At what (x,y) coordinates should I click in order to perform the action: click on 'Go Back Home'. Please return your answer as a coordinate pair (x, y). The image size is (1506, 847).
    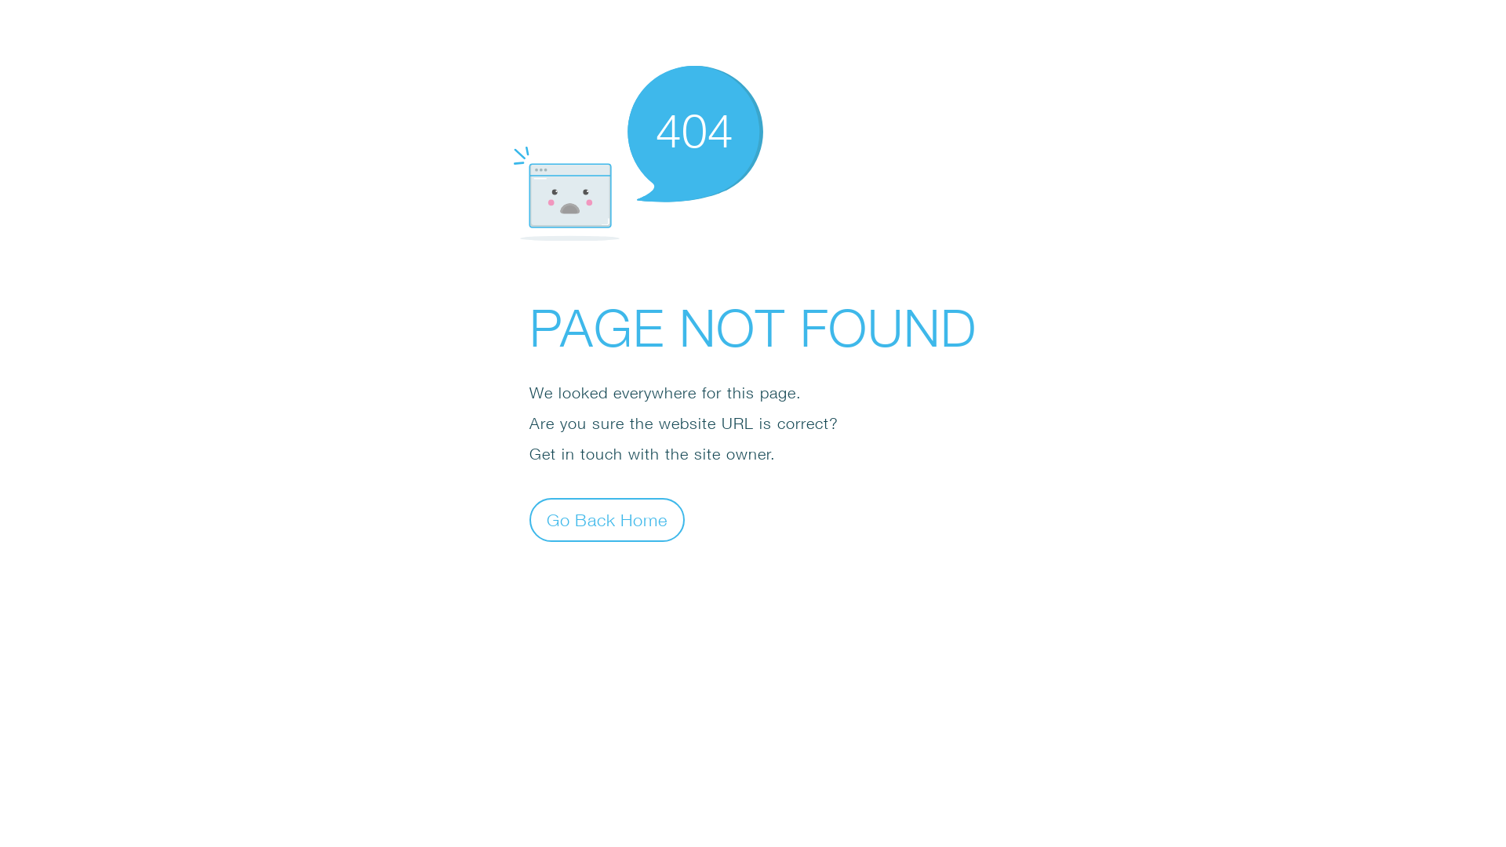
    Looking at the image, I should click on (606, 520).